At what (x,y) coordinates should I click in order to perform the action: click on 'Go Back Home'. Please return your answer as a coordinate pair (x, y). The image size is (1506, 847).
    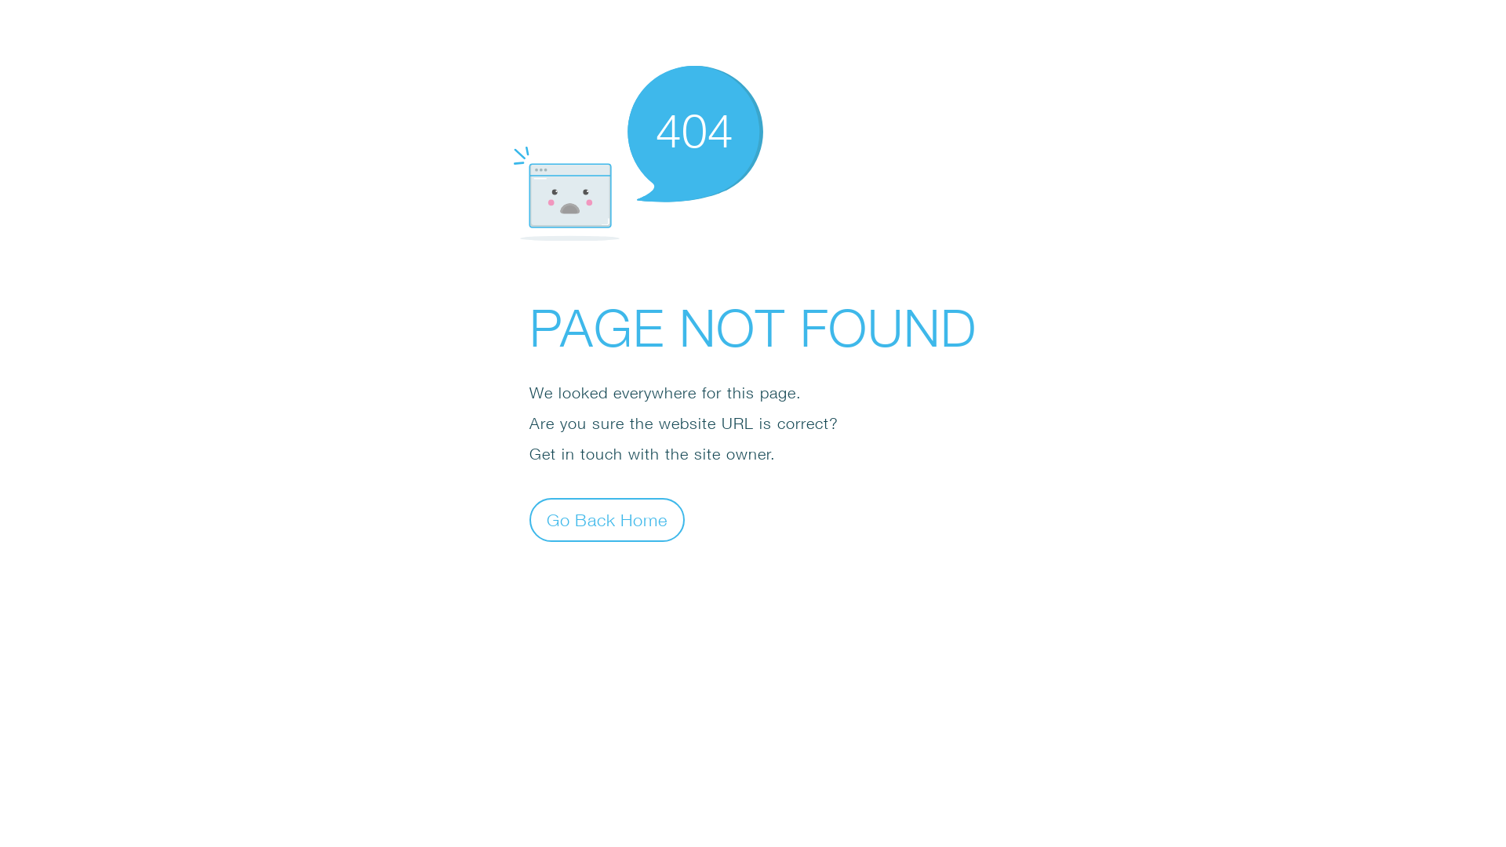
    Looking at the image, I should click on (606, 520).